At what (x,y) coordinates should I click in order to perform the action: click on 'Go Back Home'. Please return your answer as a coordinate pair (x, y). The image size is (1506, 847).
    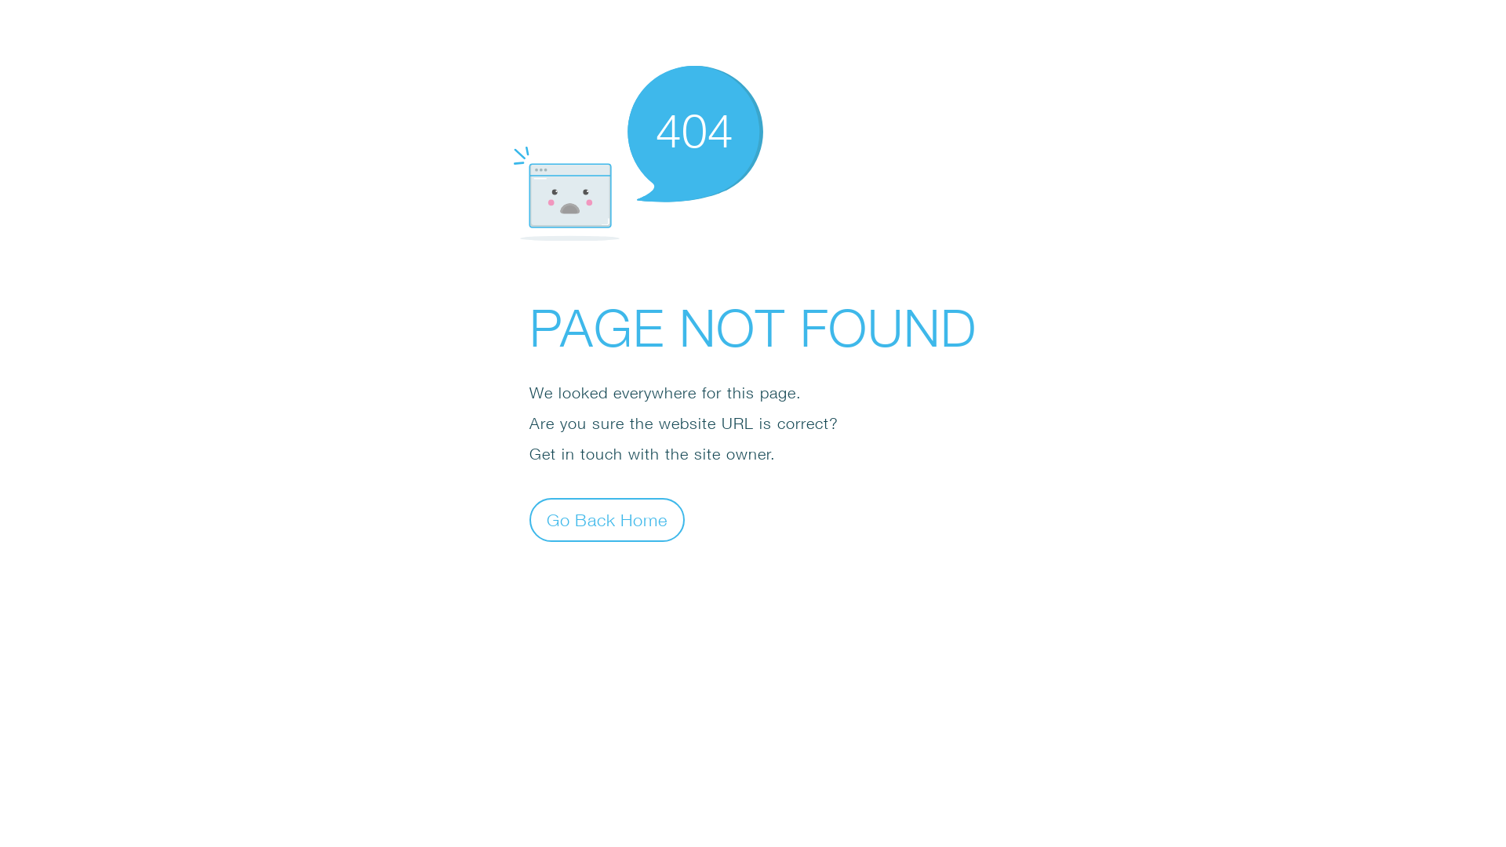
    Looking at the image, I should click on (606, 520).